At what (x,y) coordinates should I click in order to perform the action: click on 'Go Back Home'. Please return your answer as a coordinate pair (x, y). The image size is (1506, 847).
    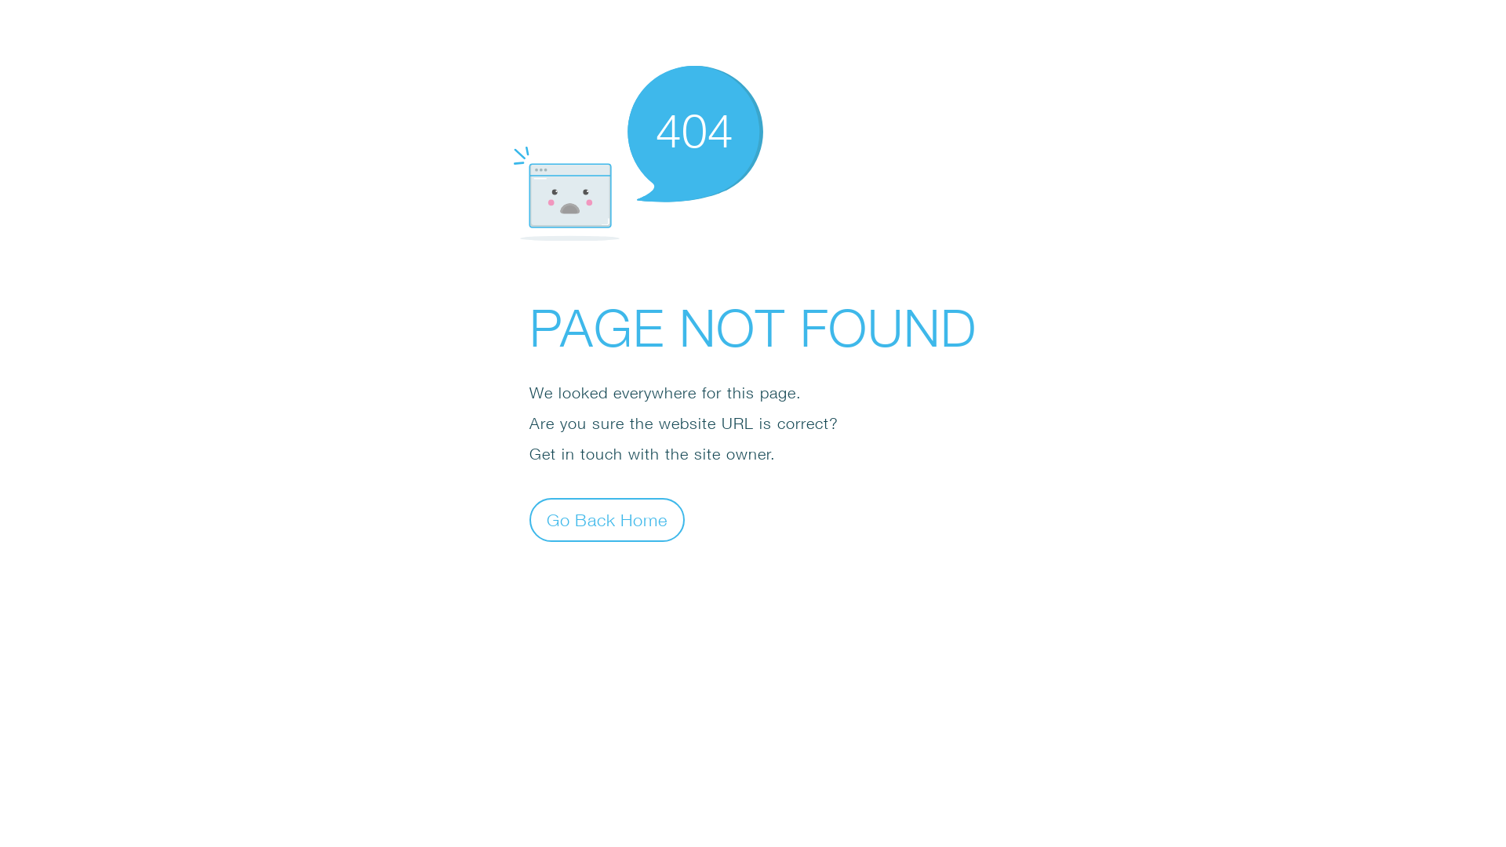
    Looking at the image, I should click on (606, 520).